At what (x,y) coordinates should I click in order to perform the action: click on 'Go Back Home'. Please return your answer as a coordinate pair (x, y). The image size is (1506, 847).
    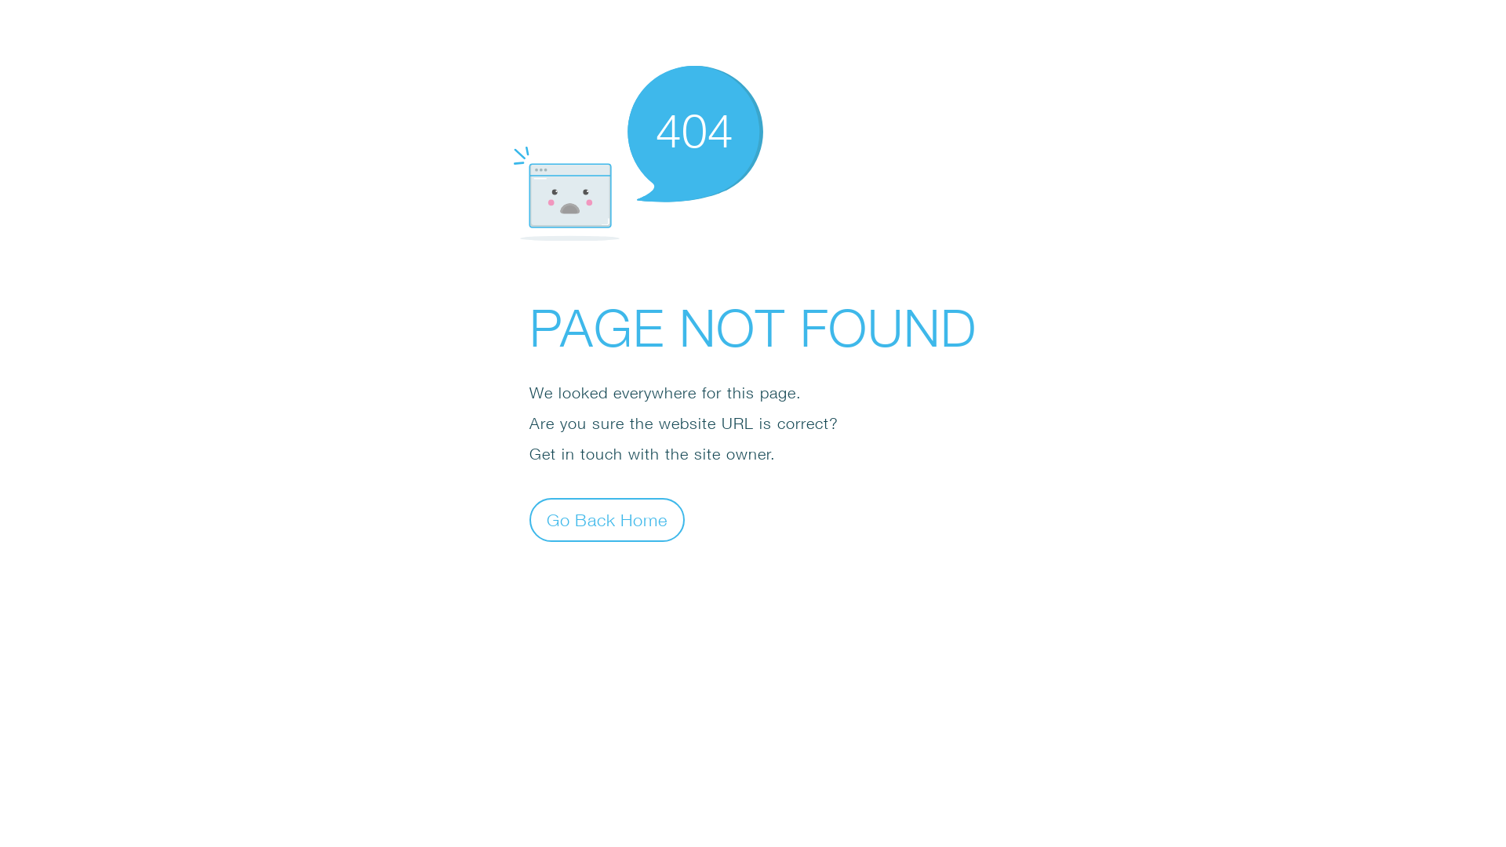
    Looking at the image, I should click on (606, 520).